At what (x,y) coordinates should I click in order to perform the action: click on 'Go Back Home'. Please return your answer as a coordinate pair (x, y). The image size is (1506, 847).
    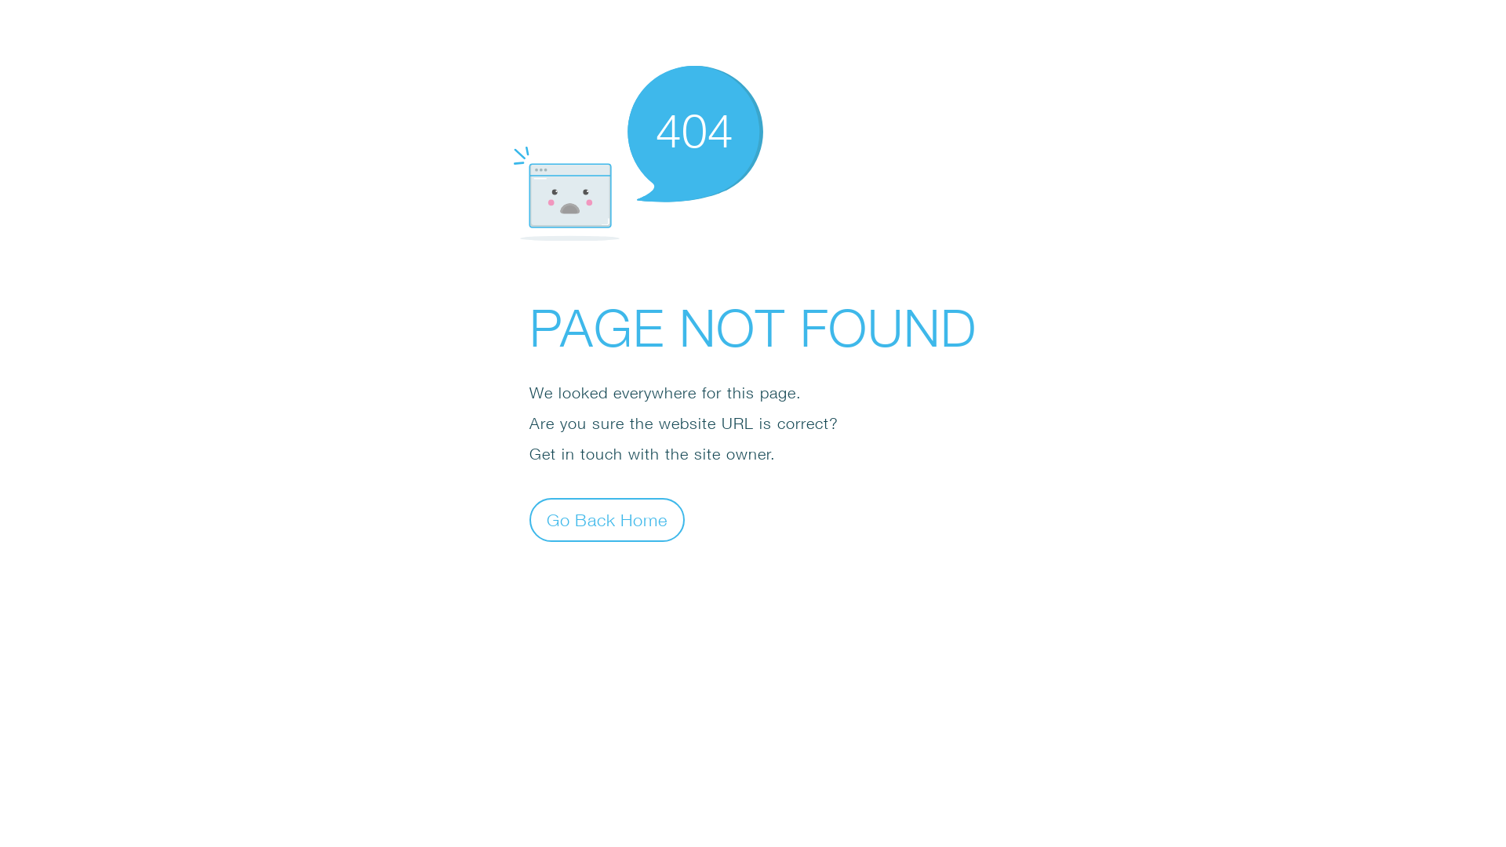
    Looking at the image, I should click on (606, 520).